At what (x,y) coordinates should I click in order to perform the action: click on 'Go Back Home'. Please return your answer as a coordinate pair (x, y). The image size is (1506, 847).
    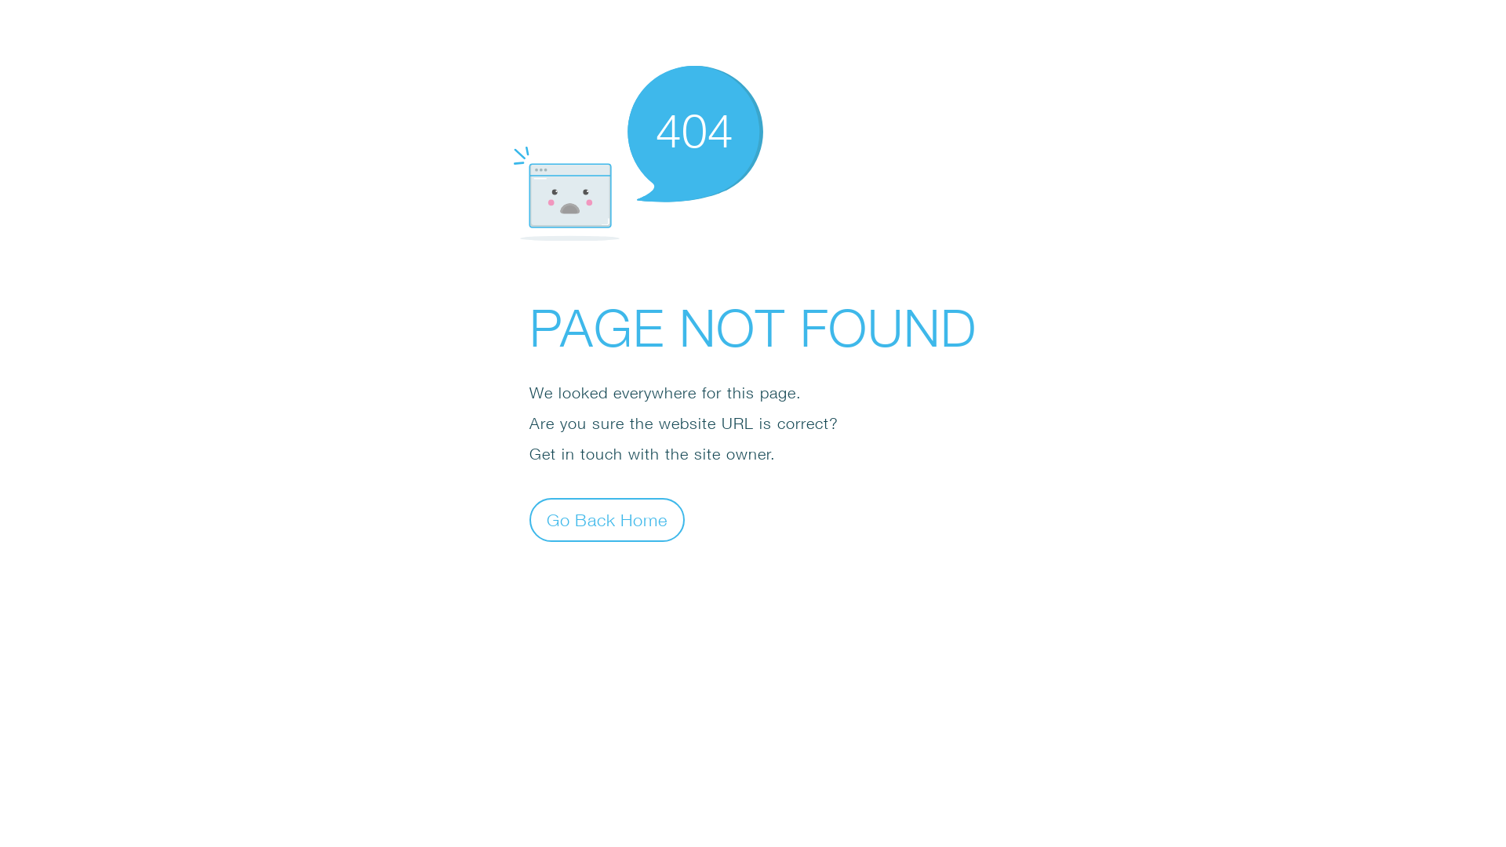
    Looking at the image, I should click on (606, 520).